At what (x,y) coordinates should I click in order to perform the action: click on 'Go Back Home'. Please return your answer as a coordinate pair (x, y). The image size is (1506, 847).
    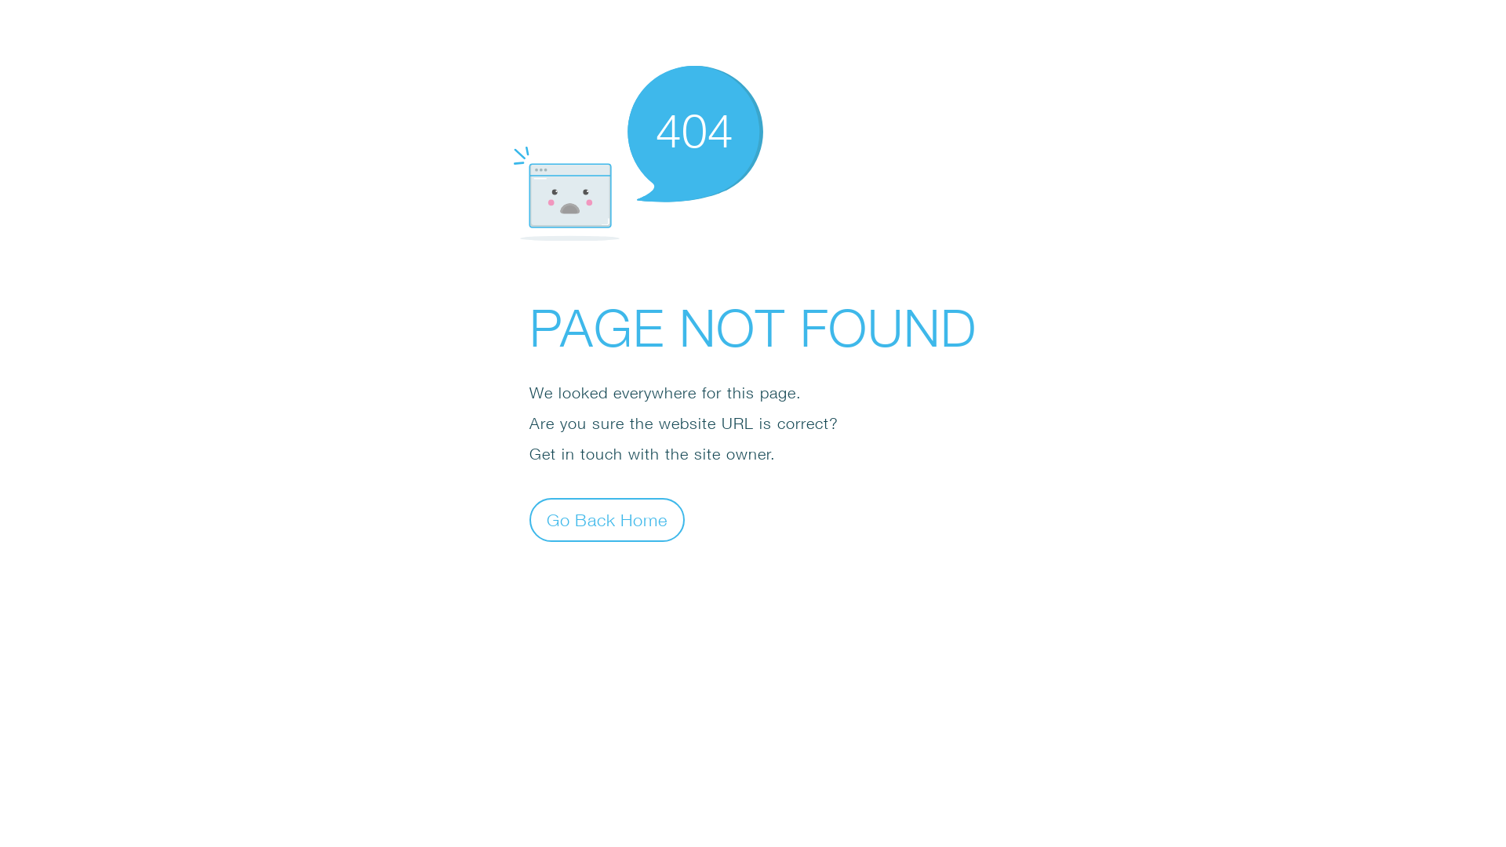
    Looking at the image, I should click on (606, 520).